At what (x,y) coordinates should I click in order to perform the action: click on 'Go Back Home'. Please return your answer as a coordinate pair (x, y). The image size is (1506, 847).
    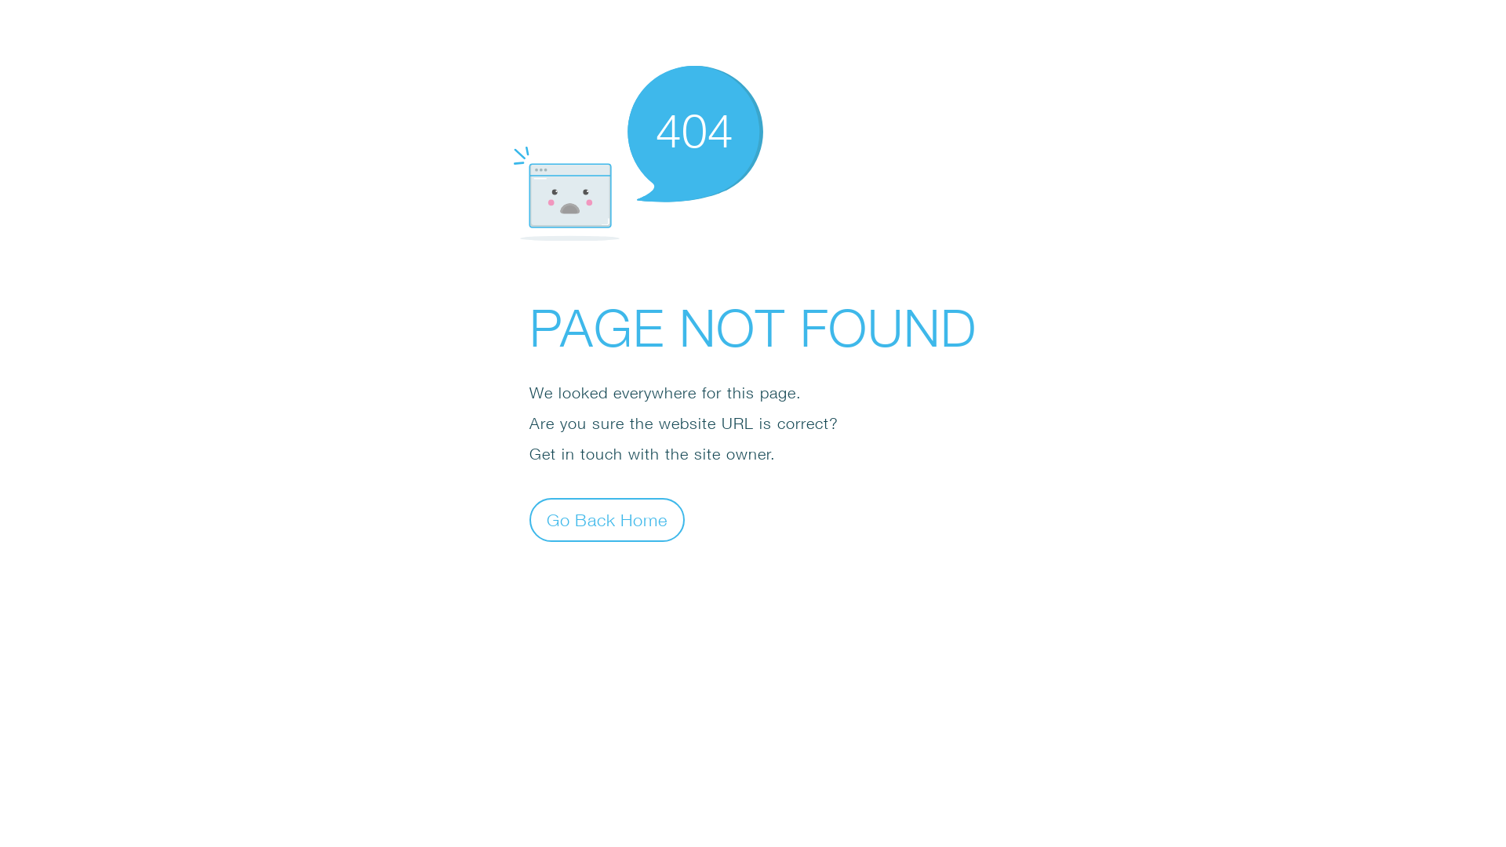
    Looking at the image, I should click on (606, 520).